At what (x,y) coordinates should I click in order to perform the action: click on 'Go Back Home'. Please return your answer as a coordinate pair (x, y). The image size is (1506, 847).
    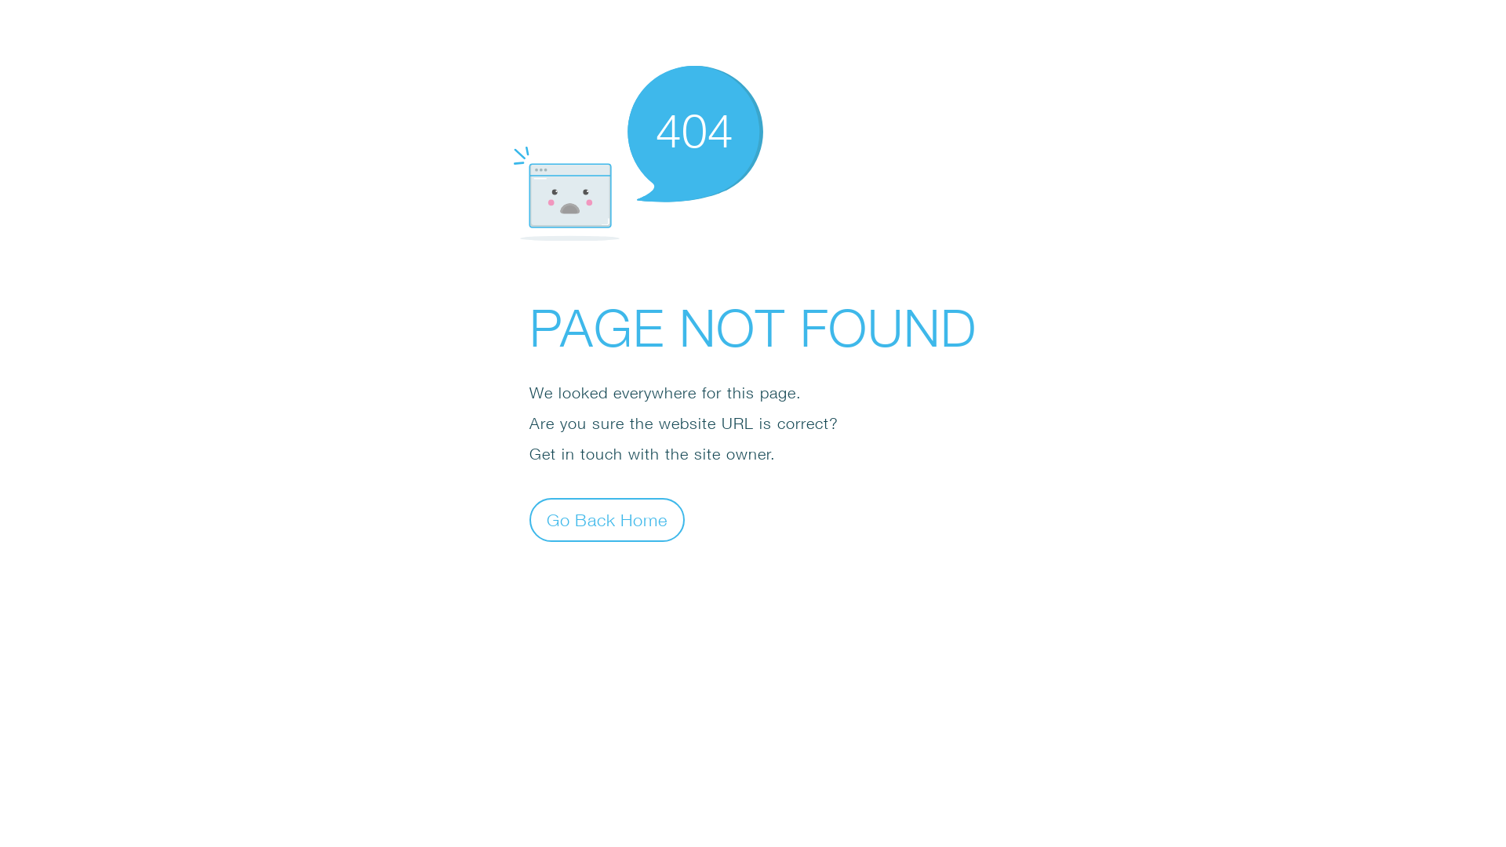
    Looking at the image, I should click on (606, 520).